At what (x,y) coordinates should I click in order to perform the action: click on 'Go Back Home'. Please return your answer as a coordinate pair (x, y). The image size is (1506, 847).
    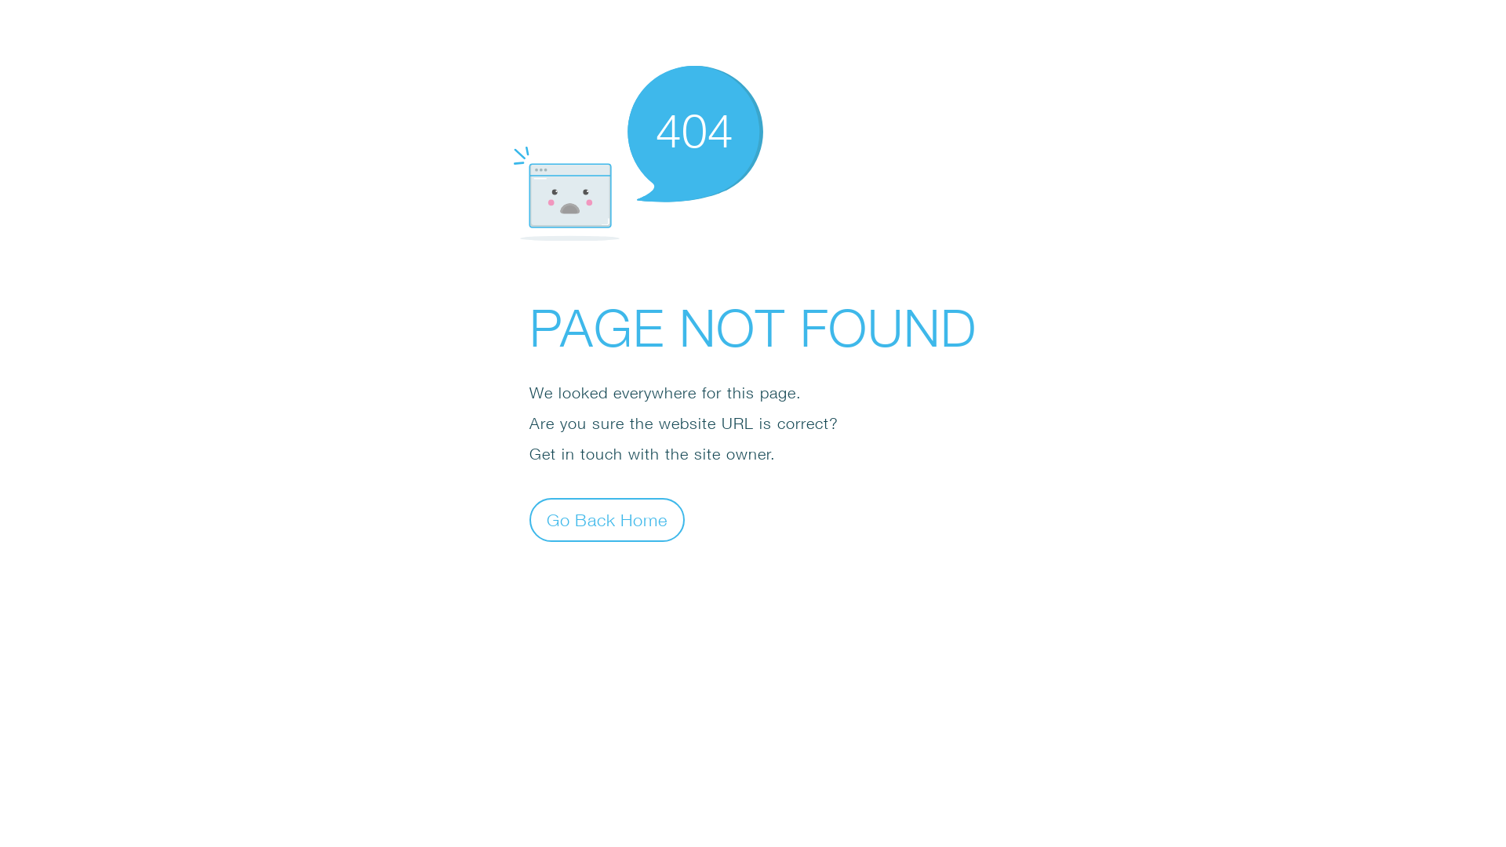
    Looking at the image, I should click on (606, 520).